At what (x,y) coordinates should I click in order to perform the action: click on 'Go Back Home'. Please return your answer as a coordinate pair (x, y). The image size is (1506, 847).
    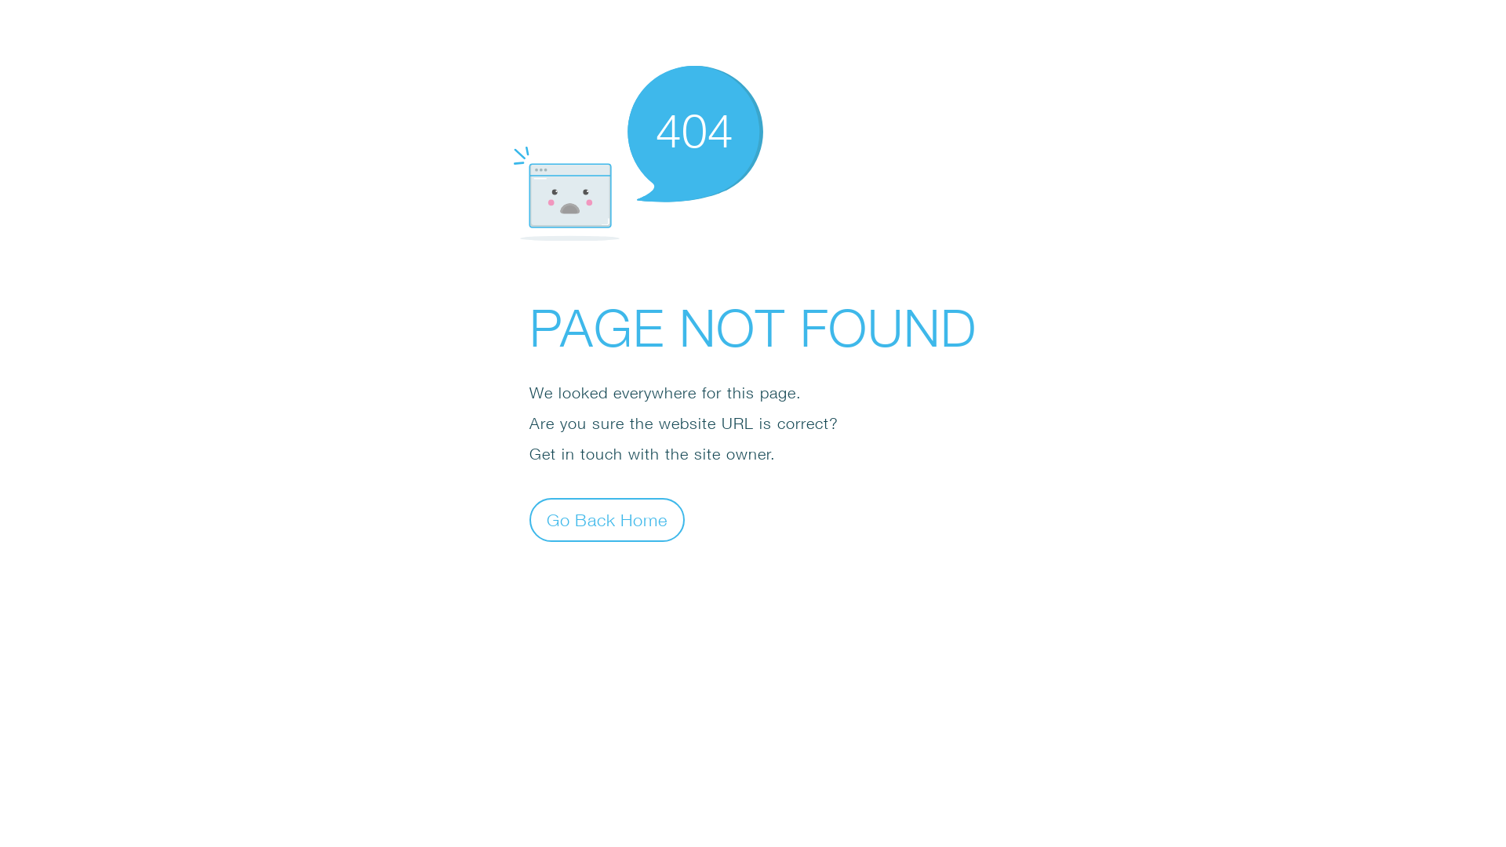
    Looking at the image, I should click on (606, 520).